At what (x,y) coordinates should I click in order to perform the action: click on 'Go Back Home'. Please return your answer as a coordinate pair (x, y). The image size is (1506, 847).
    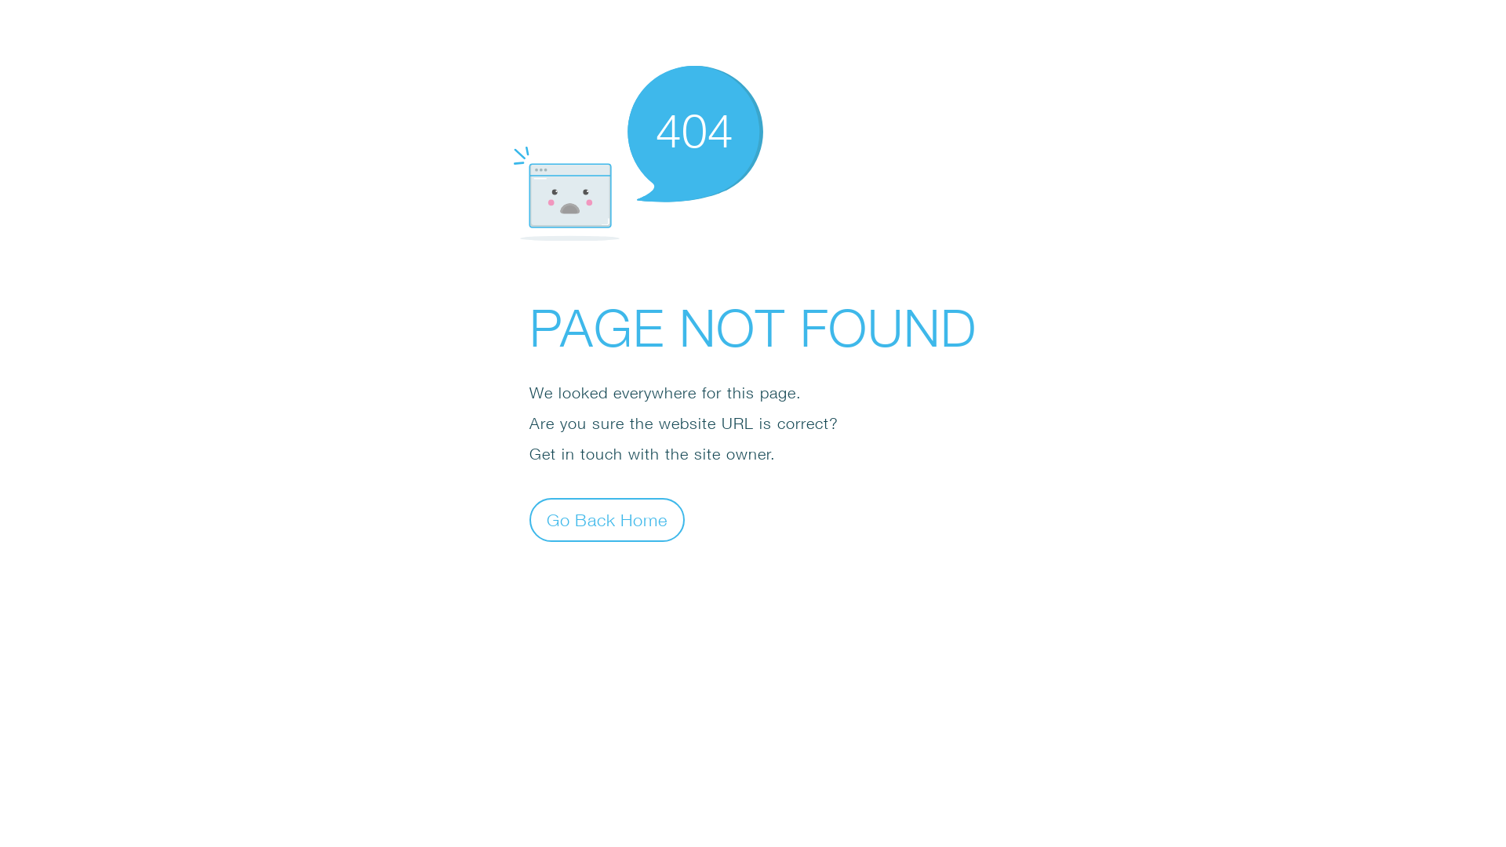
    Looking at the image, I should click on (606, 520).